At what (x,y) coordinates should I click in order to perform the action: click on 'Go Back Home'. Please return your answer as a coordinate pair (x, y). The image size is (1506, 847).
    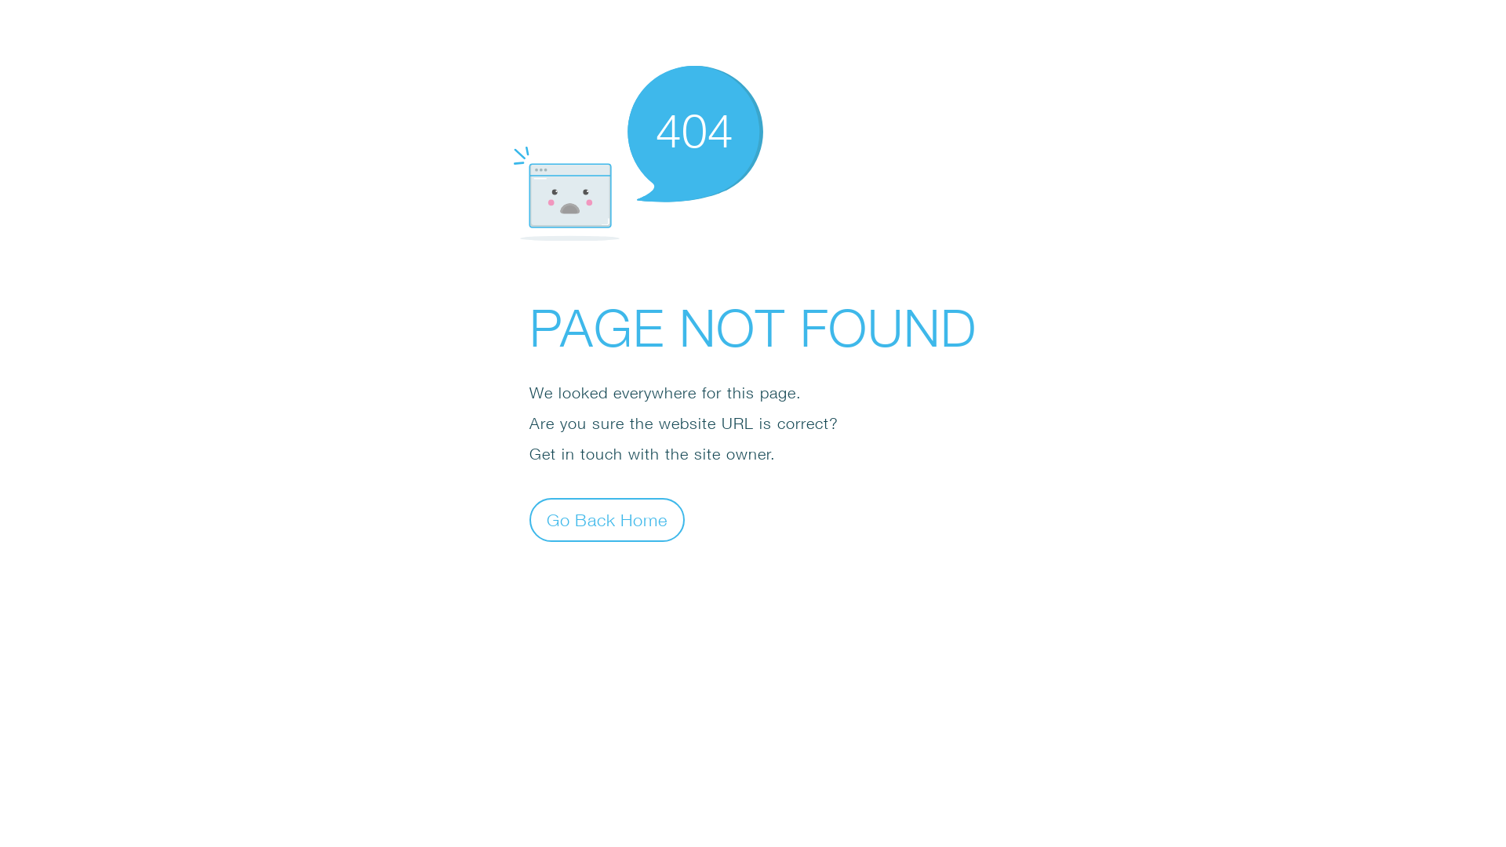
    Looking at the image, I should click on (606, 520).